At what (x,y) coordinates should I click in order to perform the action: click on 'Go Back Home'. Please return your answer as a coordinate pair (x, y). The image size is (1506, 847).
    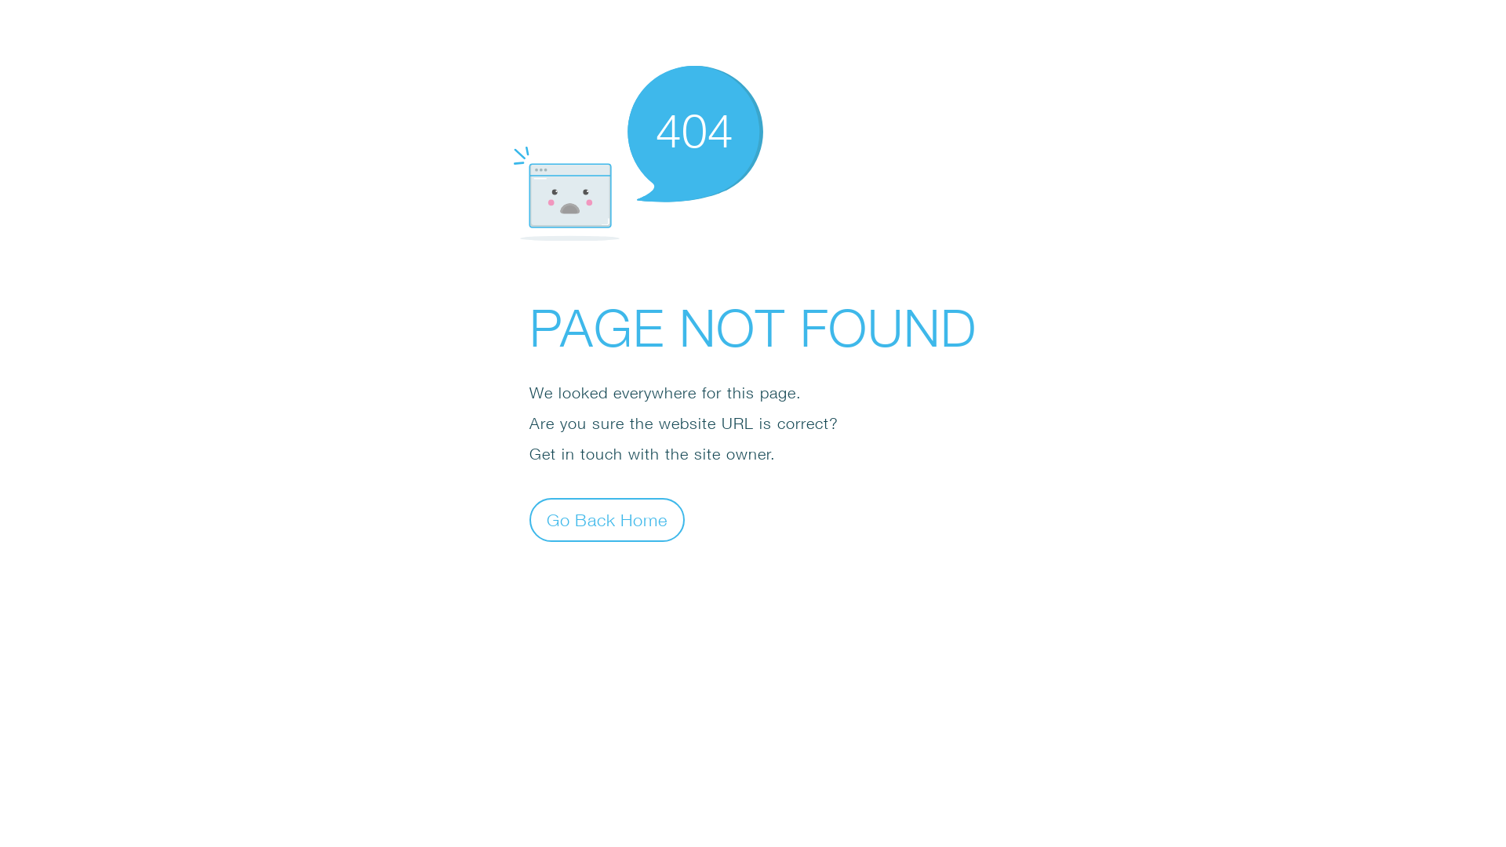
    Looking at the image, I should click on (606, 520).